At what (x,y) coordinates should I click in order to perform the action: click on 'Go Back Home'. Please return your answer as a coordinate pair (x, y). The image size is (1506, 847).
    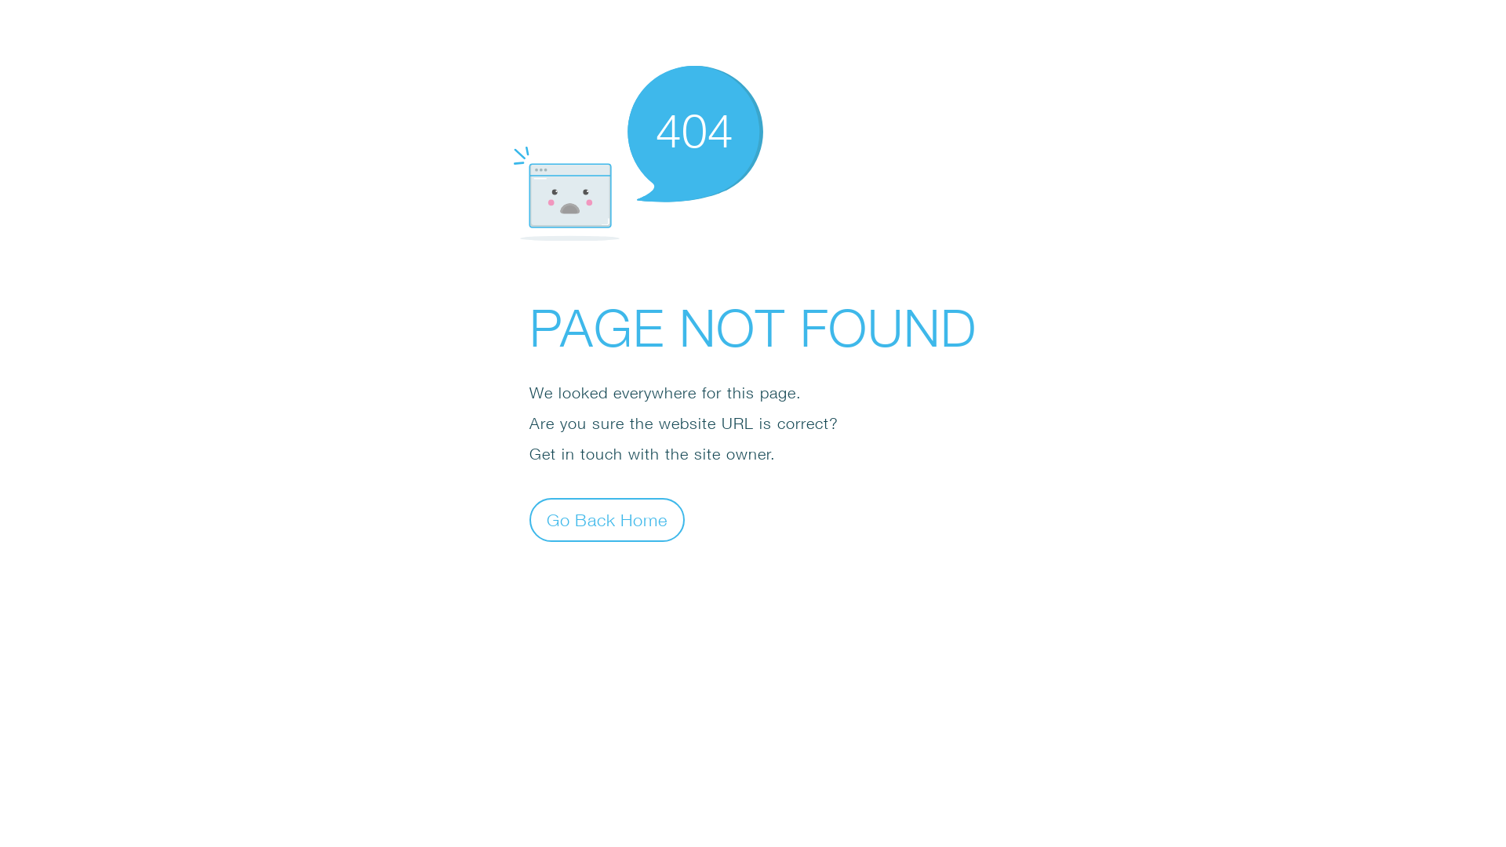
    Looking at the image, I should click on (606, 520).